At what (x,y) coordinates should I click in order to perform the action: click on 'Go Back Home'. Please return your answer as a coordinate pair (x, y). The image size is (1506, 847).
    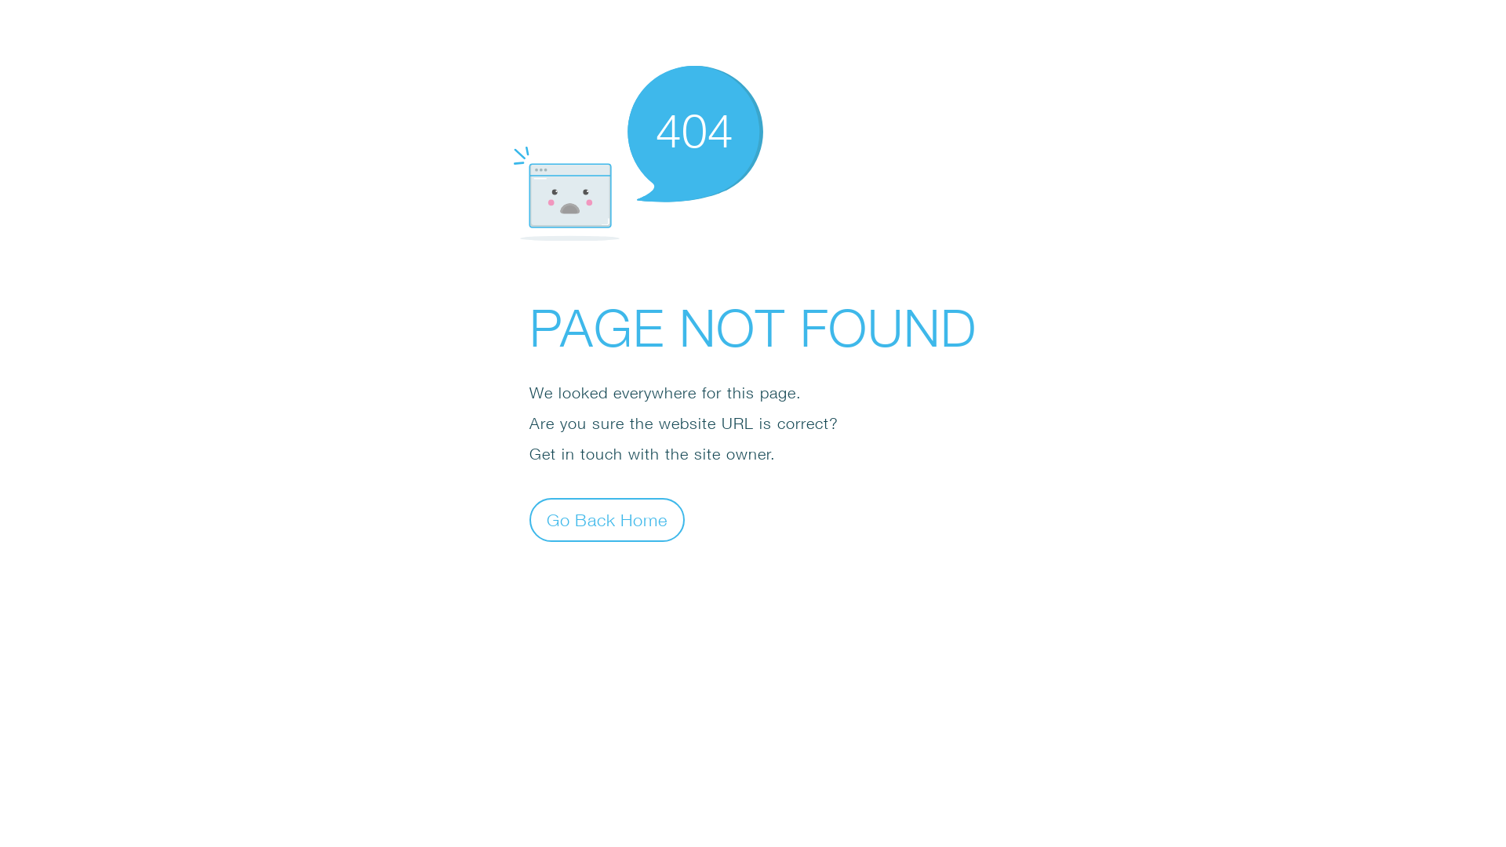
    Looking at the image, I should click on (606, 520).